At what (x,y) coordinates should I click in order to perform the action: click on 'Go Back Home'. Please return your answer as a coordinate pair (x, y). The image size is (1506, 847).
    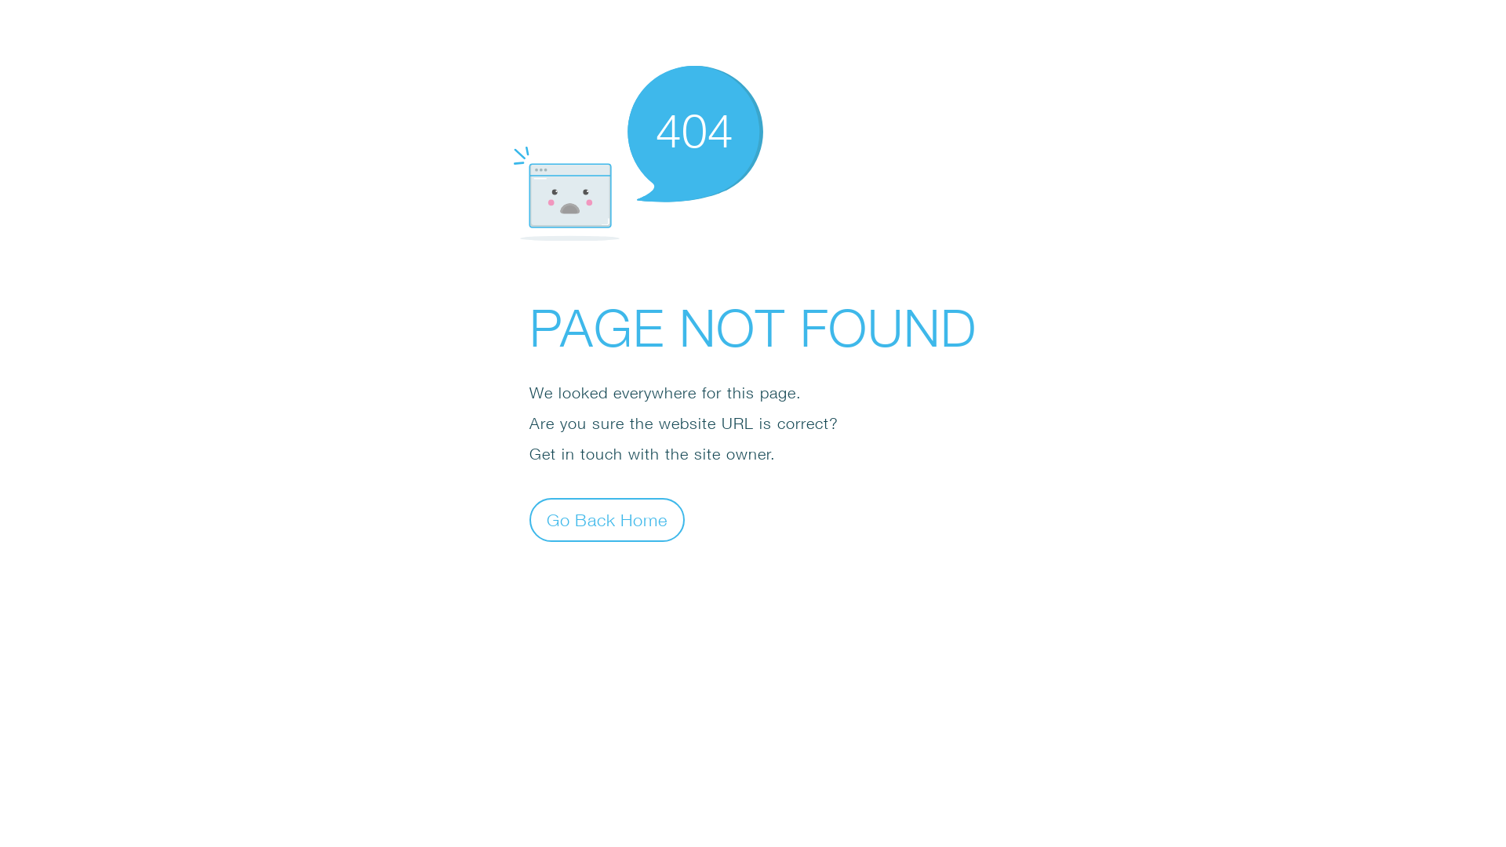
    Looking at the image, I should click on (606, 520).